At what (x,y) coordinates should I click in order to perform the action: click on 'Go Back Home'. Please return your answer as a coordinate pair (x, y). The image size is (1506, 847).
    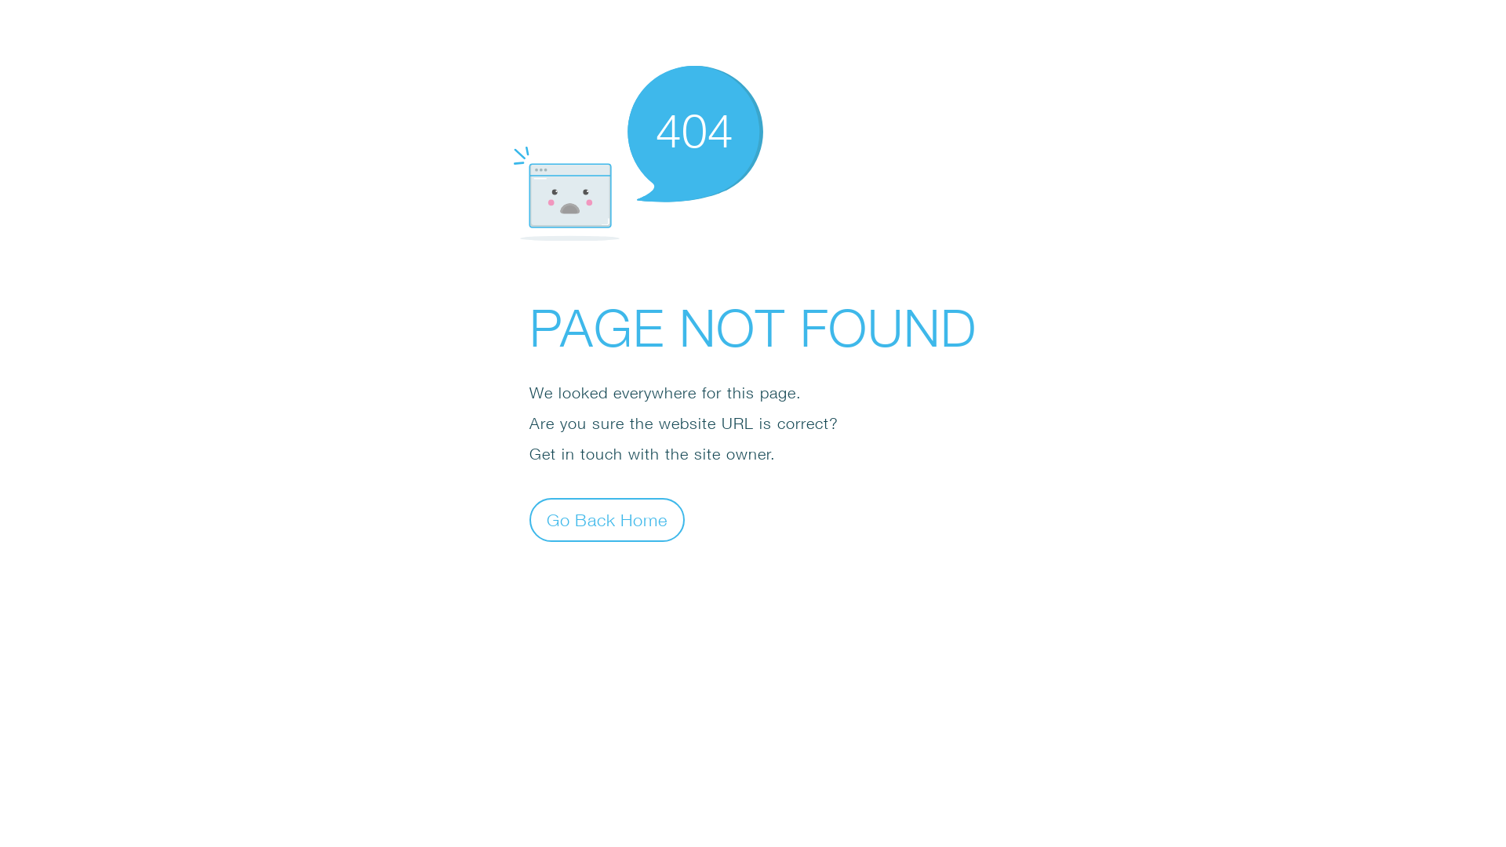
    Looking at the image, I should click on (606, 520).